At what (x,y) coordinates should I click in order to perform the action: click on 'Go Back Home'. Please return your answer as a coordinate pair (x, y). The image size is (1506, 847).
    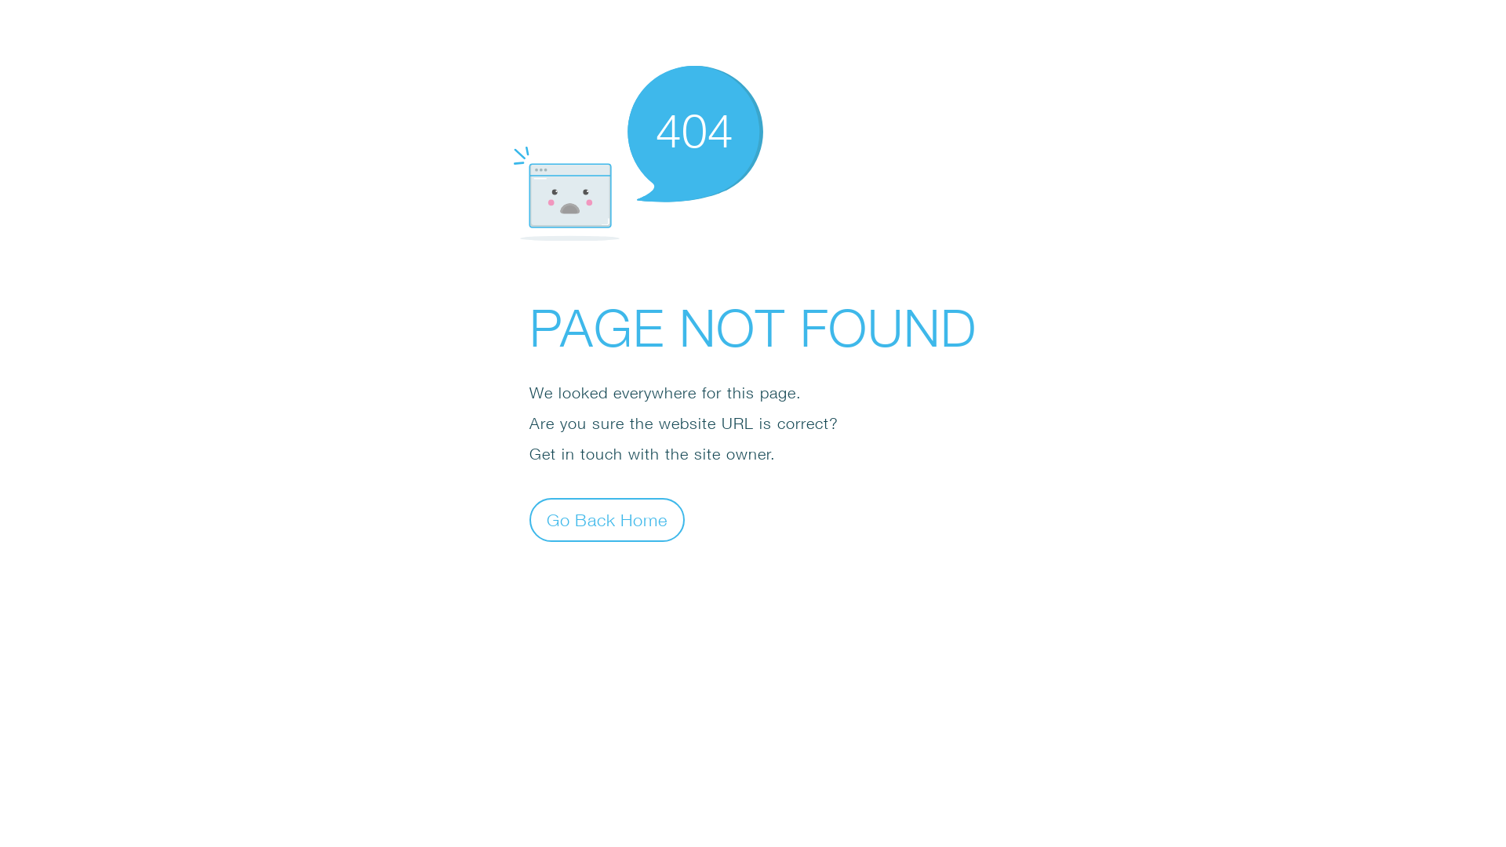
    Looking at the image, I should click on (606, 520).